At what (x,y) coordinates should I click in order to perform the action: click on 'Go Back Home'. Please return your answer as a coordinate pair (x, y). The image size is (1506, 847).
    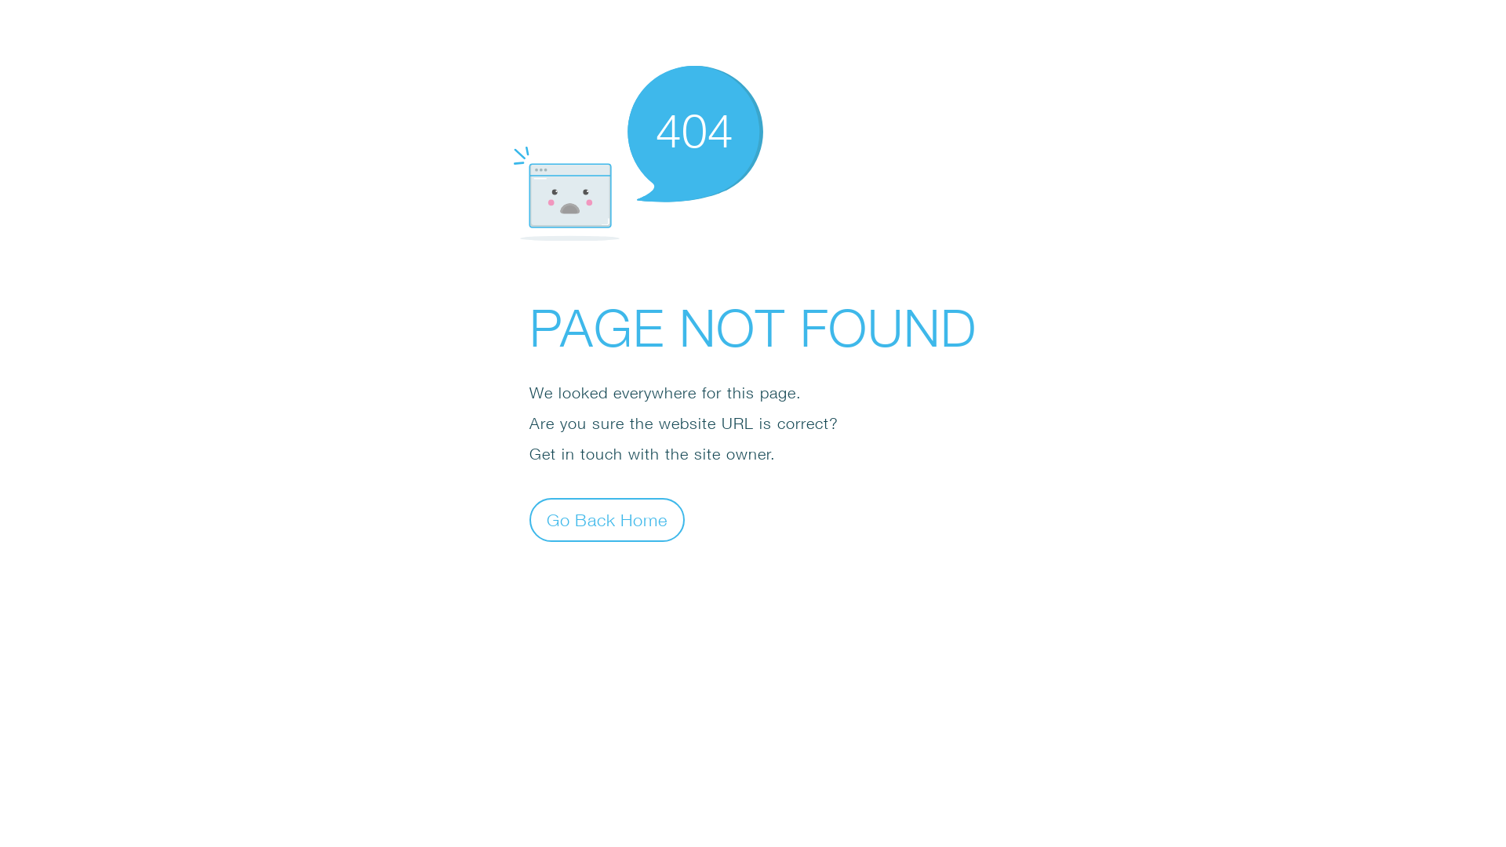
    Looking at the image, I should click on (606, 520).